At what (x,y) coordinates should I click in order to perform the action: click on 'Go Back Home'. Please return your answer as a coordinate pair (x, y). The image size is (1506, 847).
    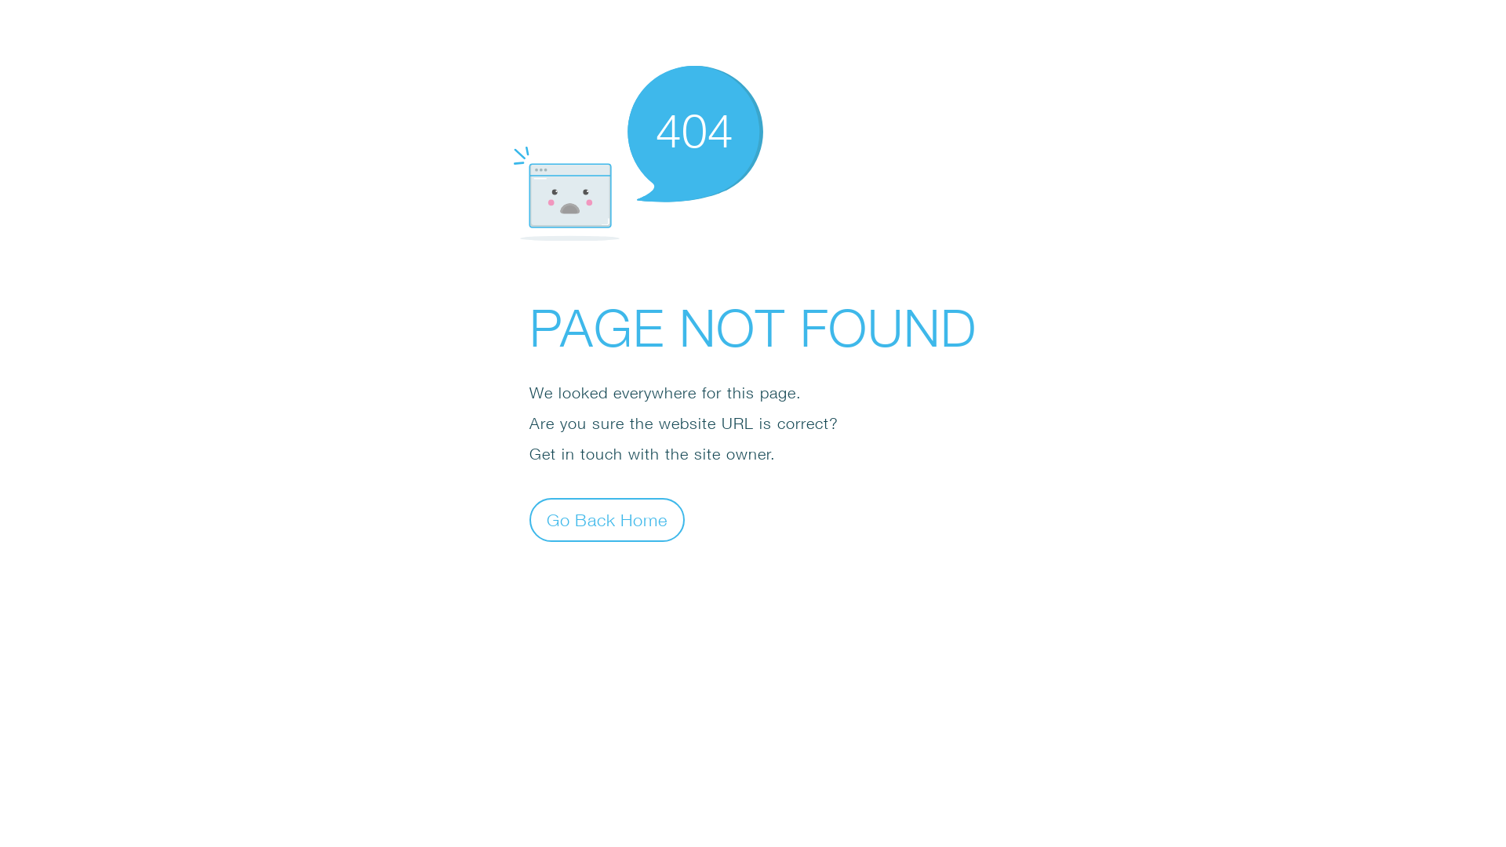
    Looking at the image, I should click on (606, 520).